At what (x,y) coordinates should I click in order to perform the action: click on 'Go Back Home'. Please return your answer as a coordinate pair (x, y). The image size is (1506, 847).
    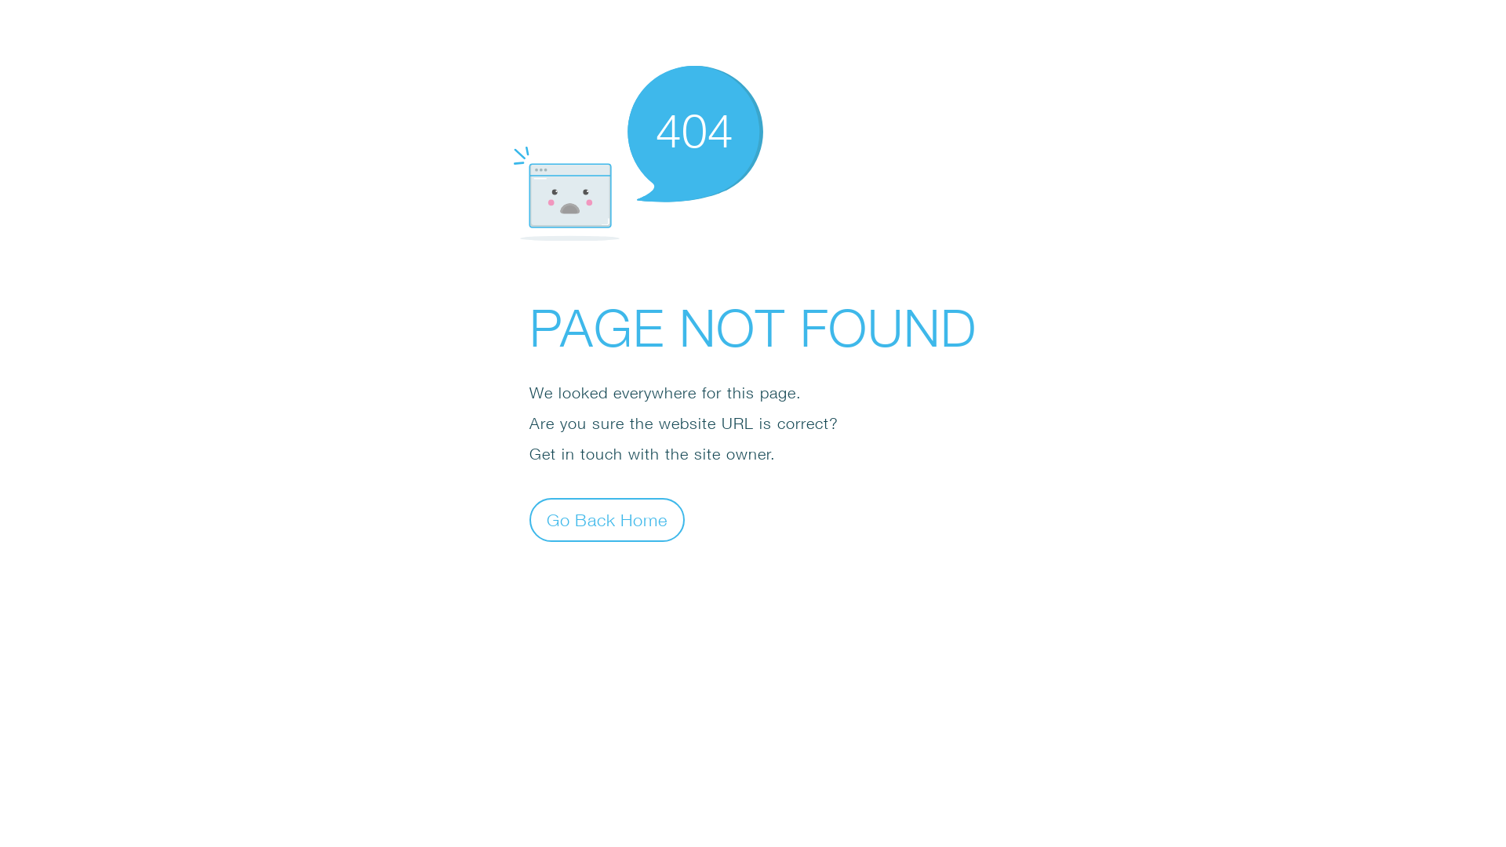
    Looking at the image, I should click on (606, 520).